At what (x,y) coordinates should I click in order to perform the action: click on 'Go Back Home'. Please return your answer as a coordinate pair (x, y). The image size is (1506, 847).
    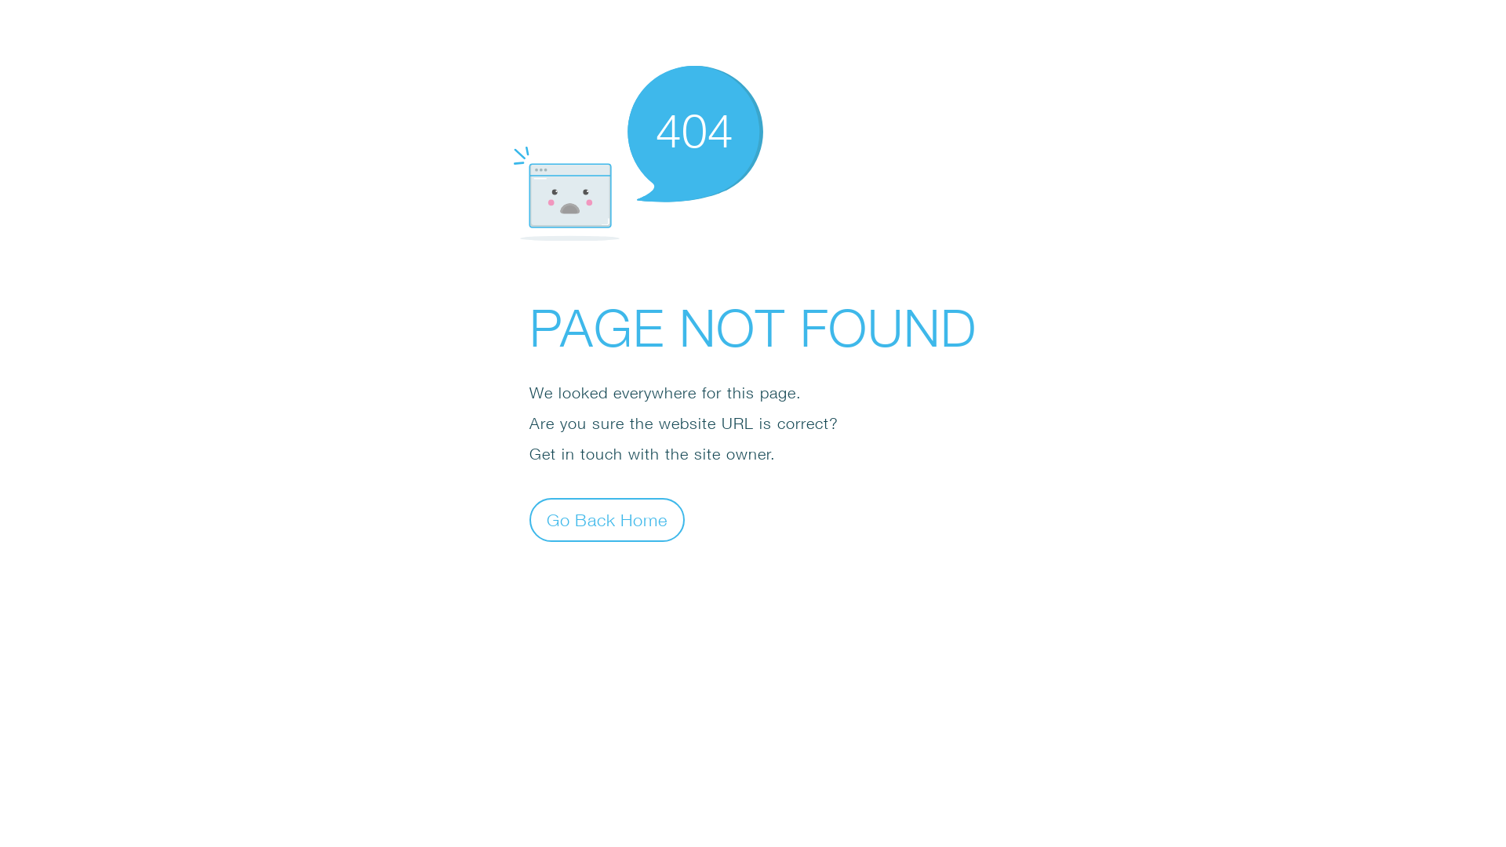
    Looking at the image, I should click on (606, 520).